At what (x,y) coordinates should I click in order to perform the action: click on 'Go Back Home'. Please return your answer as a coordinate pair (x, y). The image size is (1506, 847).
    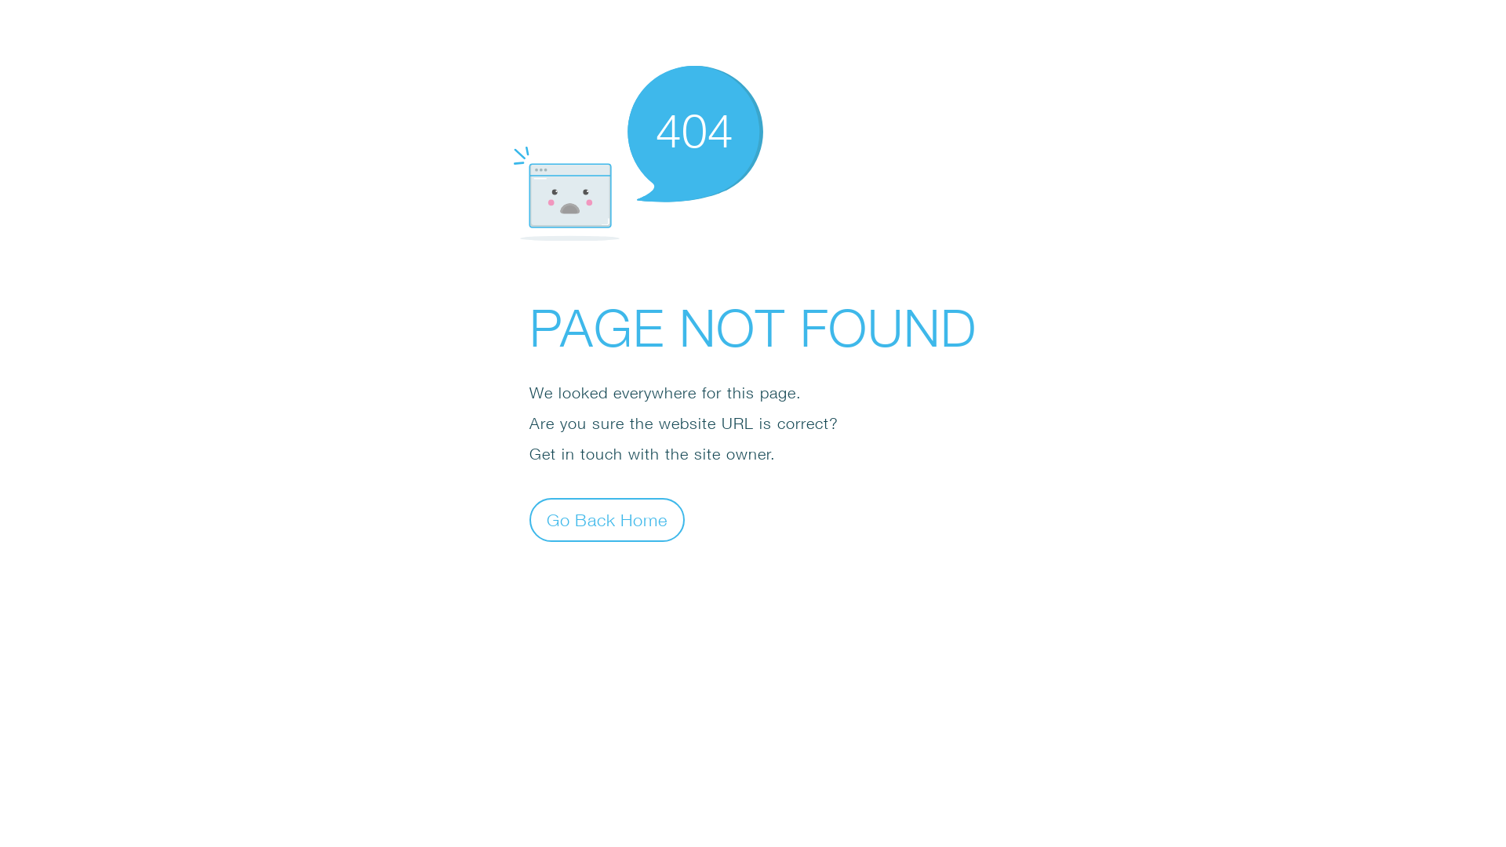
    Looking at the image, I should click on (606, 520).